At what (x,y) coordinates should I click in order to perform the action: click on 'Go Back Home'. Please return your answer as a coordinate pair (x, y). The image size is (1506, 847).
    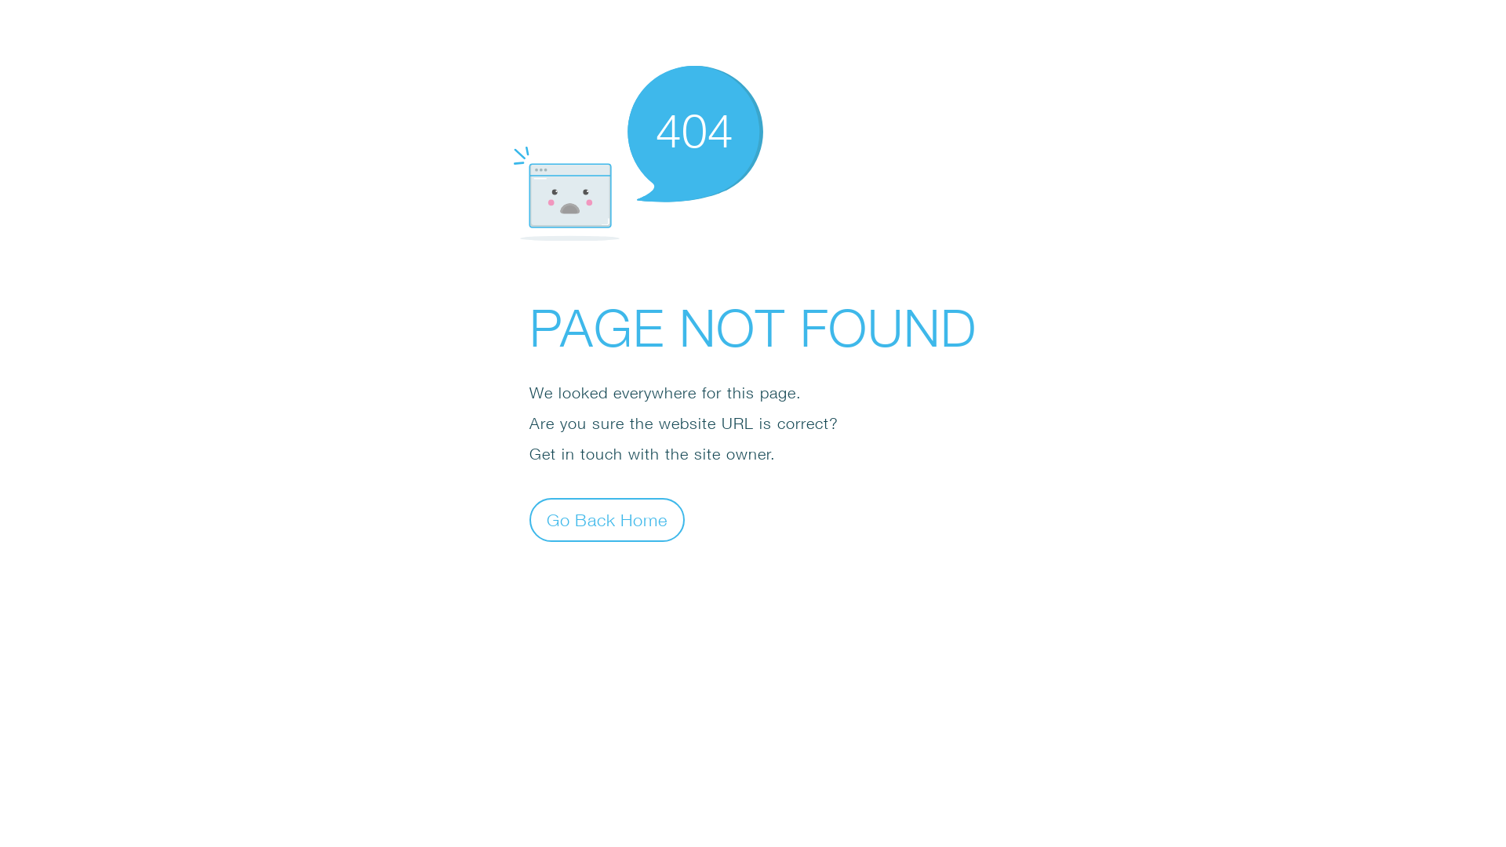
    Looking at the image, I should click on (606, 520).